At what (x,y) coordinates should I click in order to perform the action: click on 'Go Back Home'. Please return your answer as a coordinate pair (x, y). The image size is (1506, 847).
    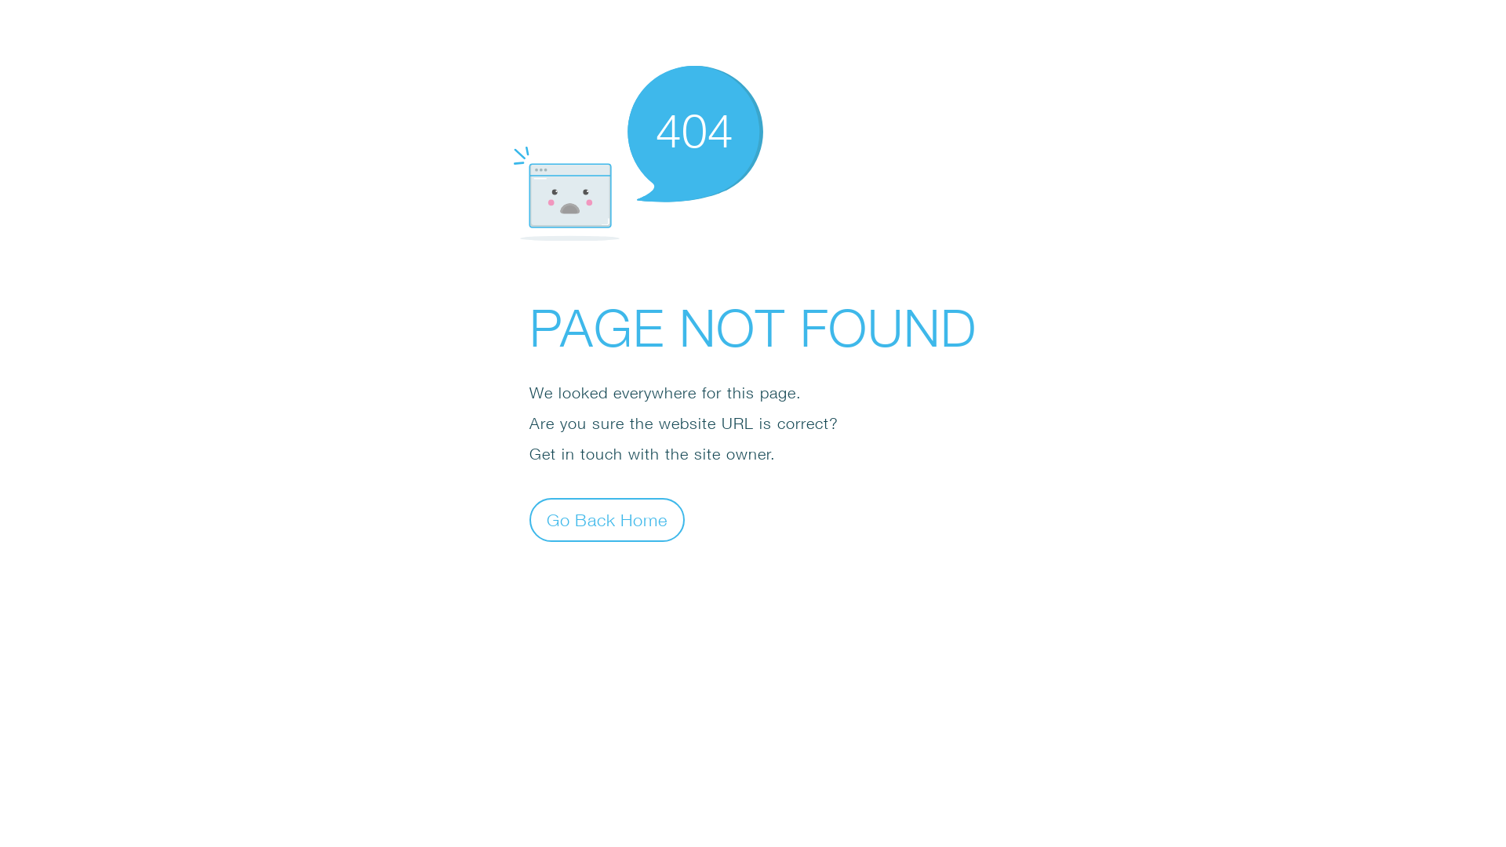
    Looking at the image, I should click on (606, 520).